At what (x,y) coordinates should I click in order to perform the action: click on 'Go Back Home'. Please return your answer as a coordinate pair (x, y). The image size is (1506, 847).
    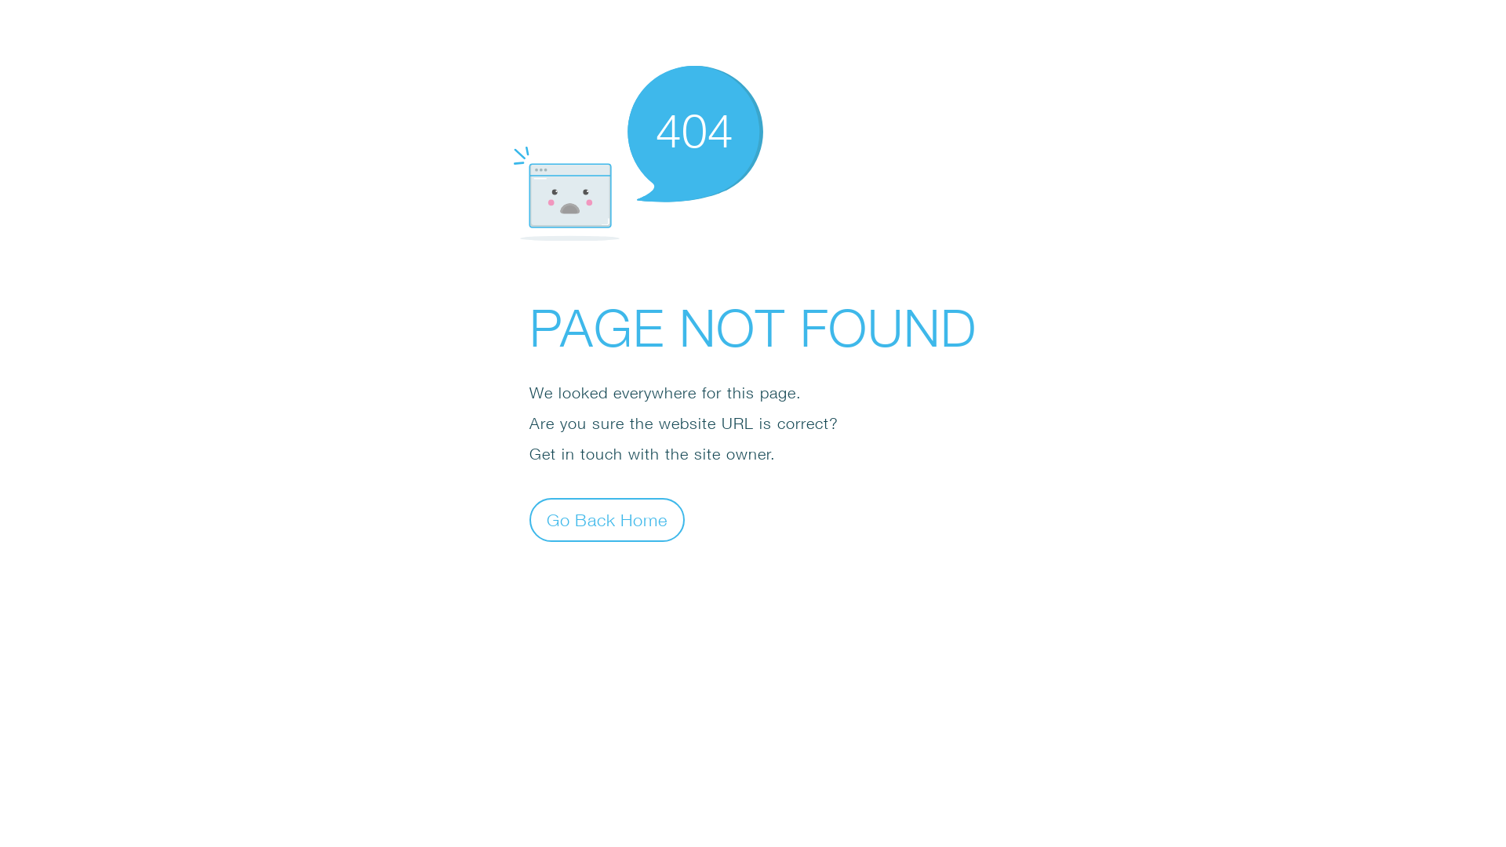
    Looking at the image, I should click on (606, 520).